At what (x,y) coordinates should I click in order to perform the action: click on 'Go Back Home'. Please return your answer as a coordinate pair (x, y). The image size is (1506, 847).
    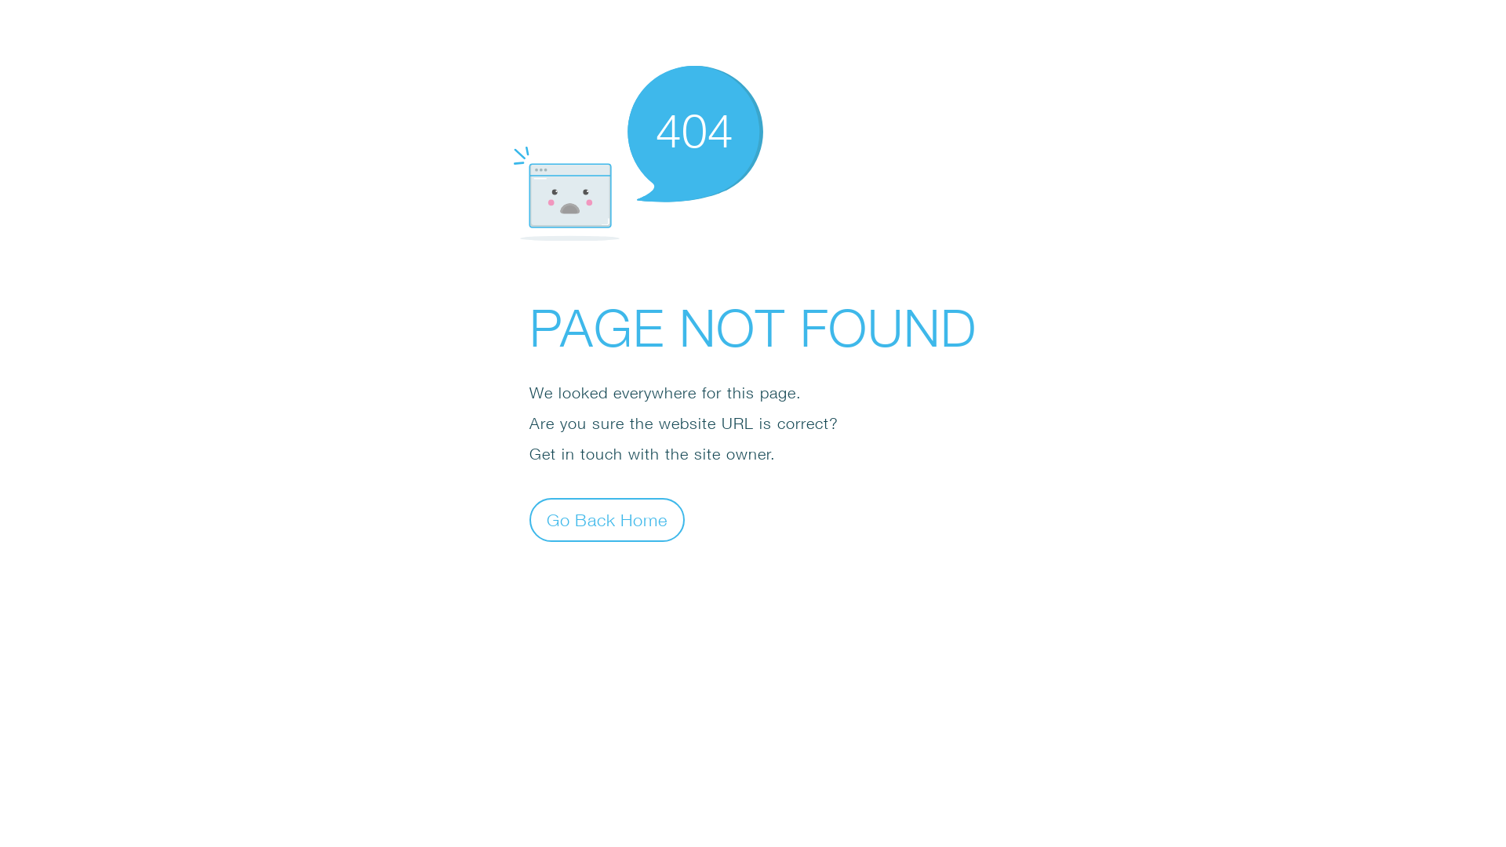
    Looking at the image, I should click on (606, 520).